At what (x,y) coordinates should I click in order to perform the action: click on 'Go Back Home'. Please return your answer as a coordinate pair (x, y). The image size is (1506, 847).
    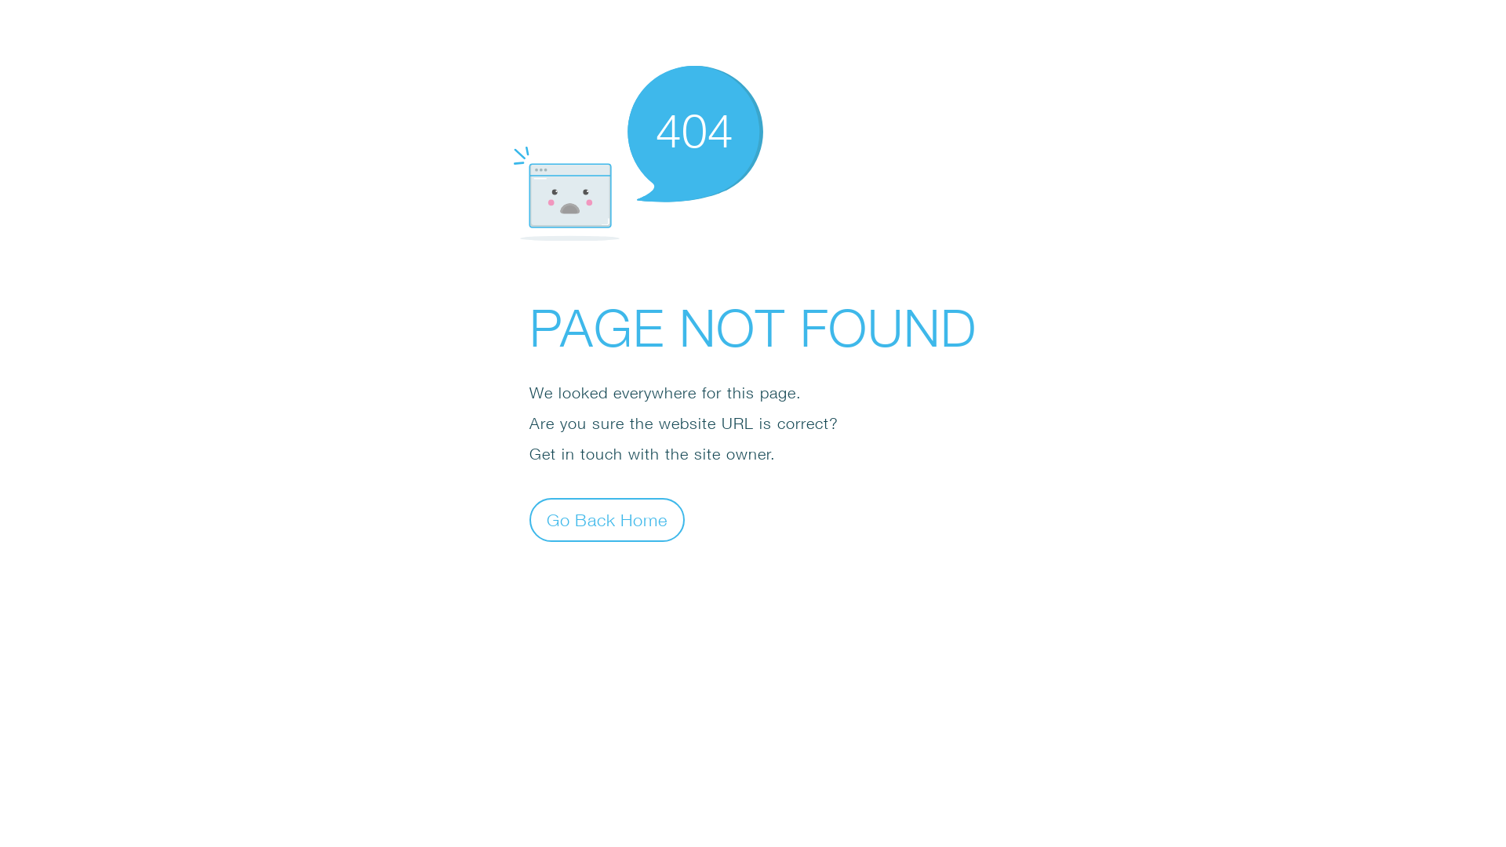
    Looking at the image, I should click on (606, 520).